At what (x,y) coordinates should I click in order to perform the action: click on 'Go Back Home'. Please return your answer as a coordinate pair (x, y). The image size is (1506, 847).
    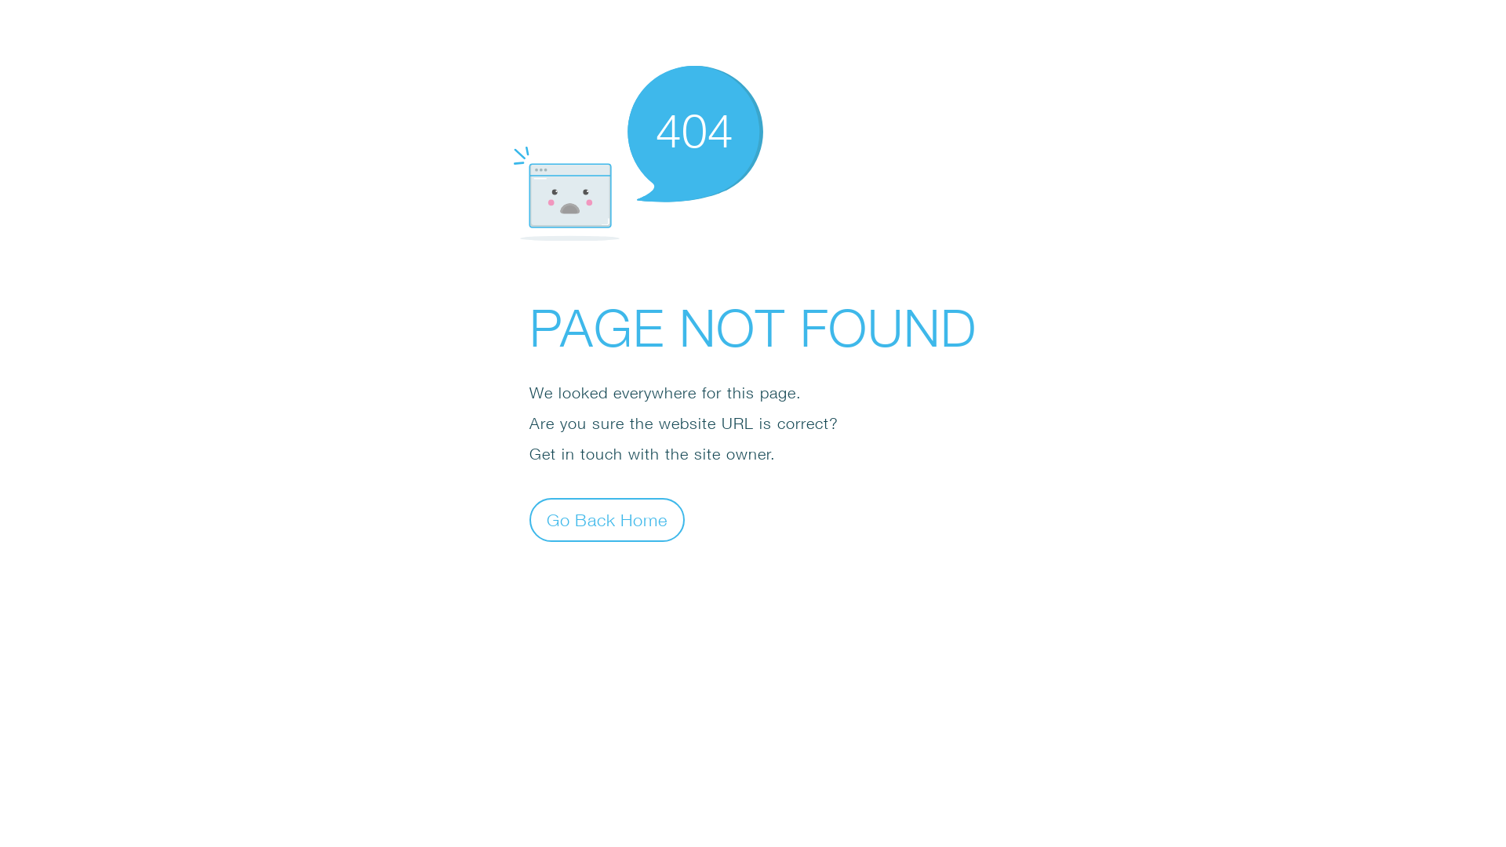
    Looking at the image, I should click on (606, 520).